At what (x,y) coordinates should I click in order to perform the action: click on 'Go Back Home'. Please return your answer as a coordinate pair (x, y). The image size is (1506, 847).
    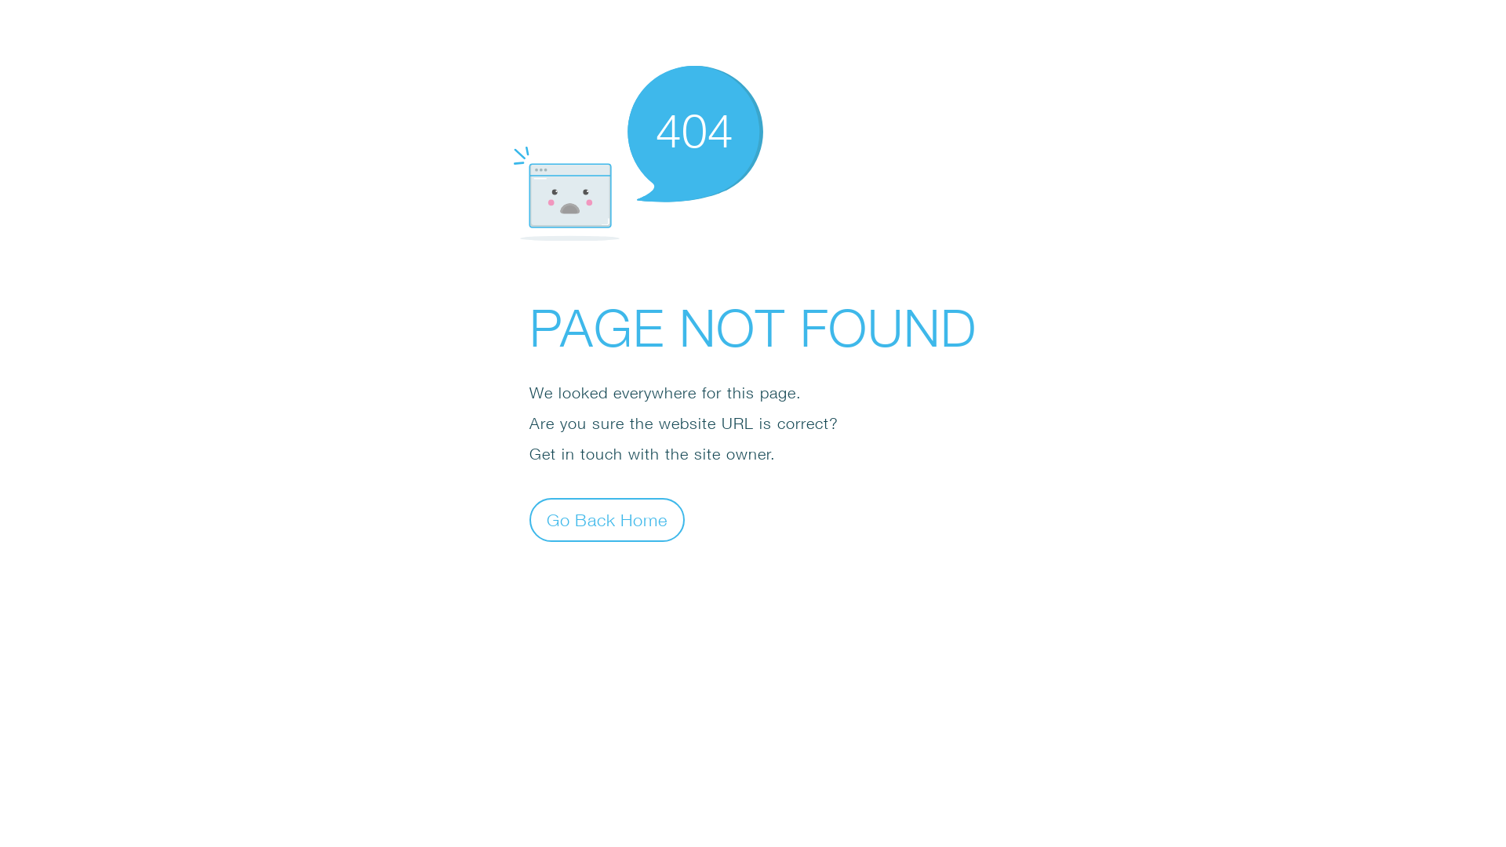
    Looking at the image, I should click on (606, 520).